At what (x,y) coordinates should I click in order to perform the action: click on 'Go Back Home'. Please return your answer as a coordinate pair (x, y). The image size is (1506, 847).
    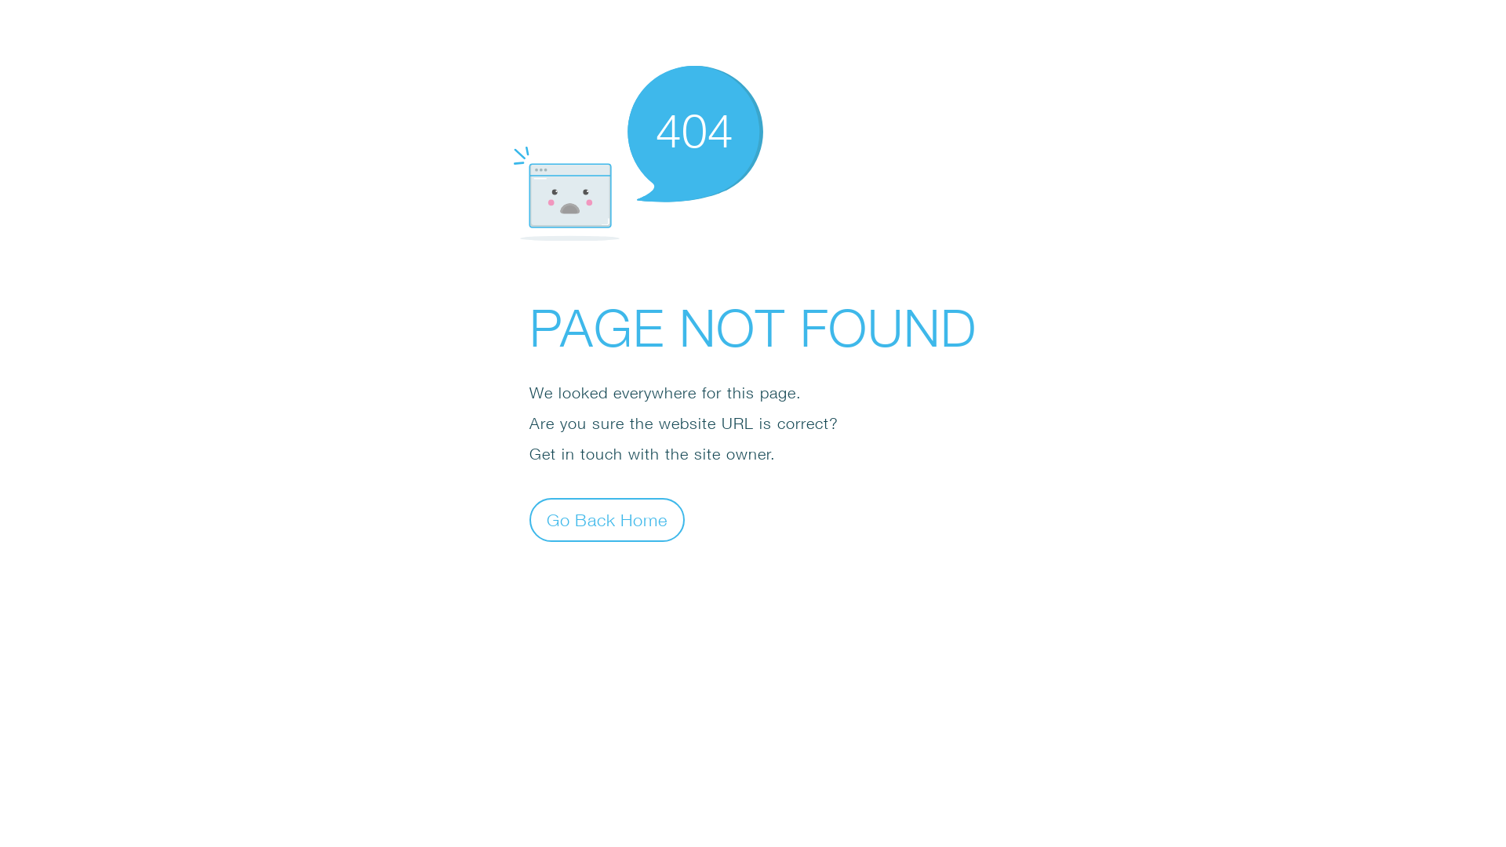
    Looking at the image, I should click on (606, 520).